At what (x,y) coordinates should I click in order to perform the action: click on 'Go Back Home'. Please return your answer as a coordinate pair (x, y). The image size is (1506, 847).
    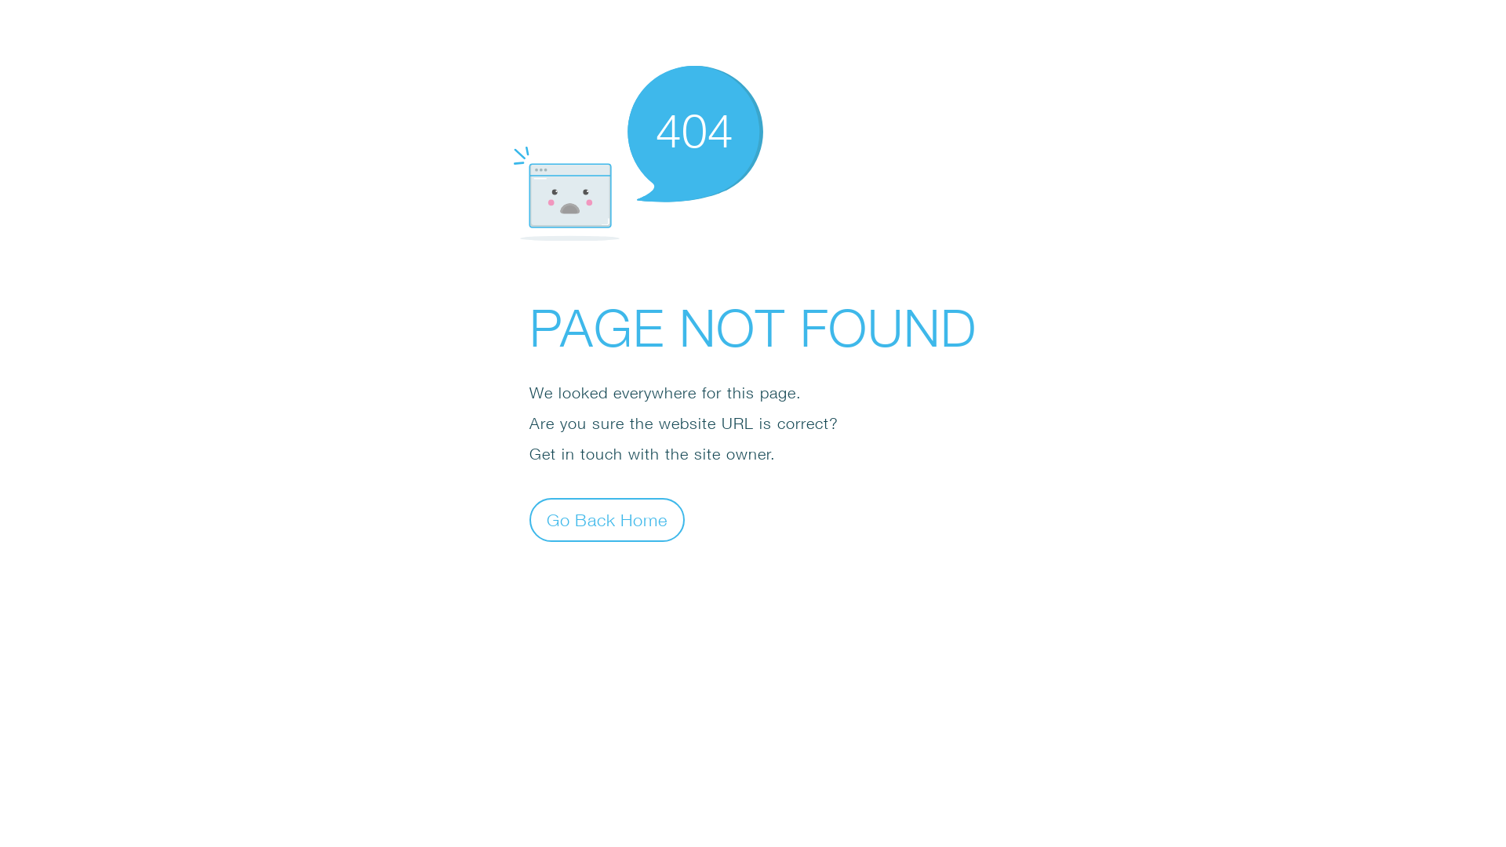
    Looking at the image, I should click on (606, 520).